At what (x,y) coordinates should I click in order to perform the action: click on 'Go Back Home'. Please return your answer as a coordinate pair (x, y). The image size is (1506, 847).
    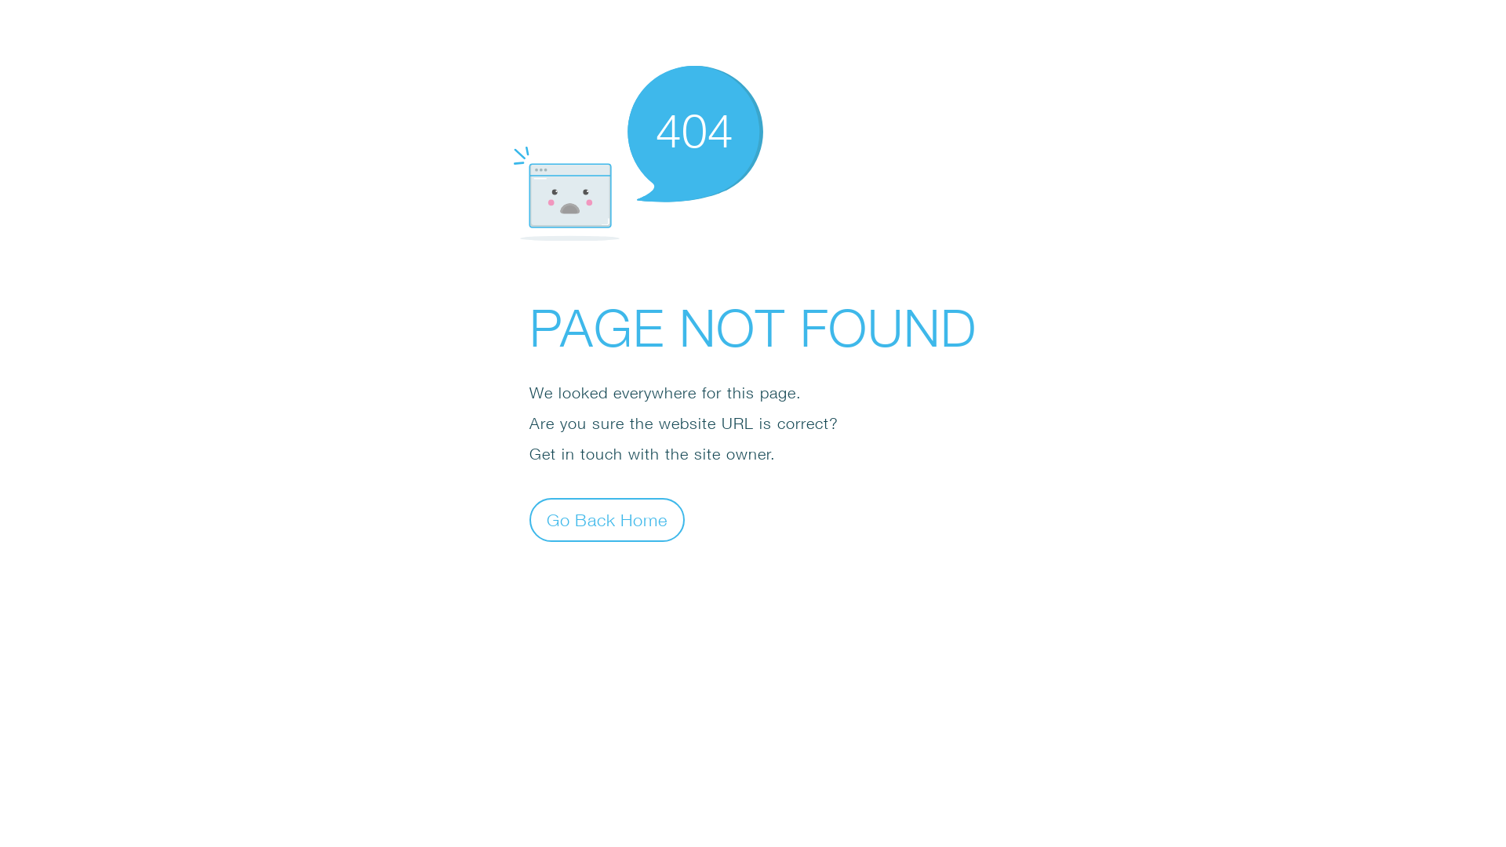
    Looking at the image, I should click on (606, 520).